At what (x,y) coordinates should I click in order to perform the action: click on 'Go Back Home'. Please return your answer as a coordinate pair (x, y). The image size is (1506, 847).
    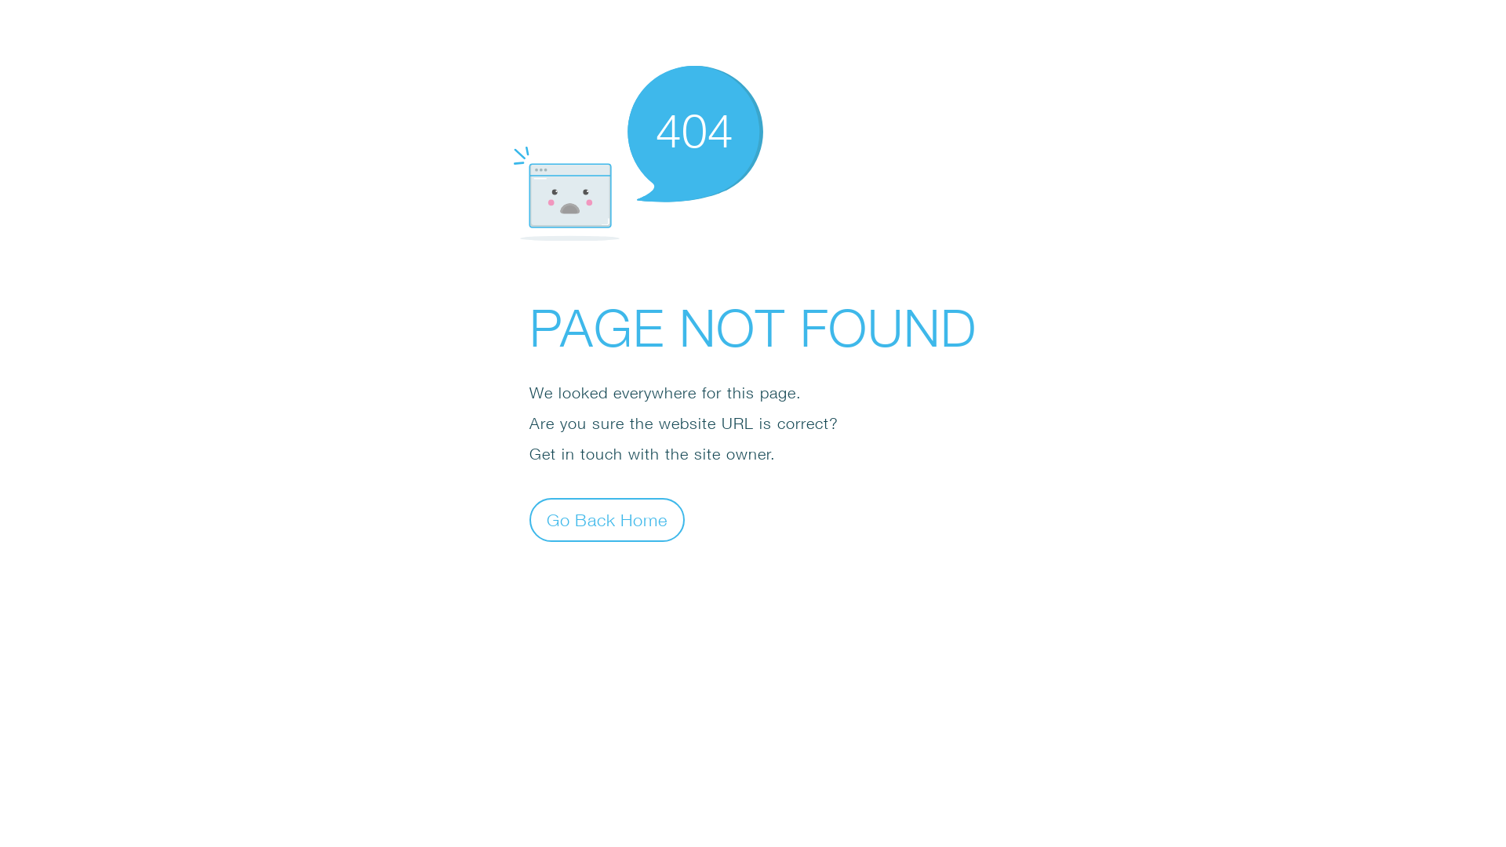
    Looking at the image, I should click on (606, 520).